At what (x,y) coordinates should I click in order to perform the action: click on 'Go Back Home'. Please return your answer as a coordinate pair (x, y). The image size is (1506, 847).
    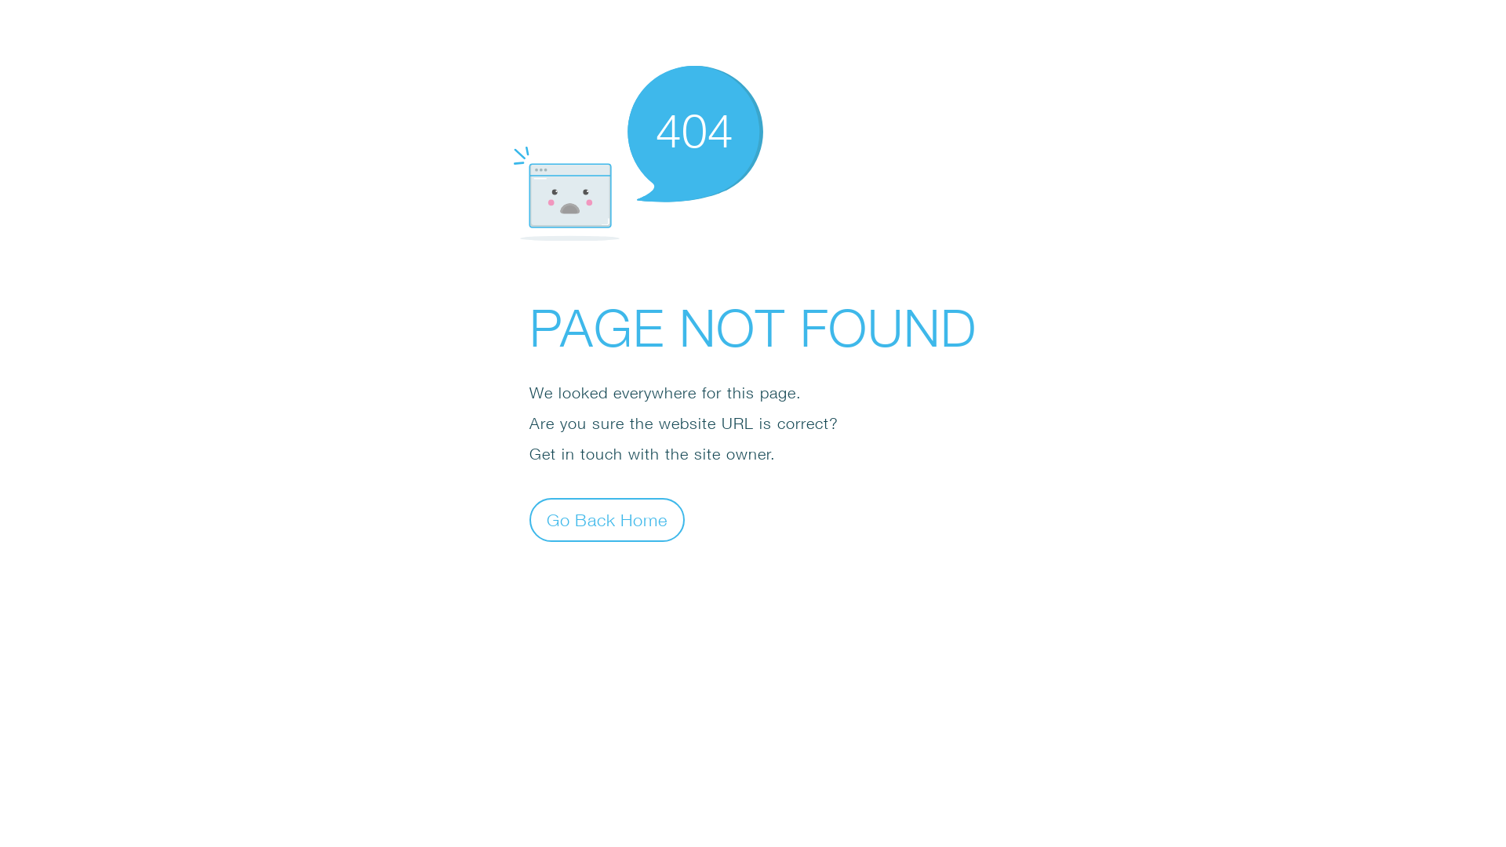
    Looking at the image, I should click on (606, 520).